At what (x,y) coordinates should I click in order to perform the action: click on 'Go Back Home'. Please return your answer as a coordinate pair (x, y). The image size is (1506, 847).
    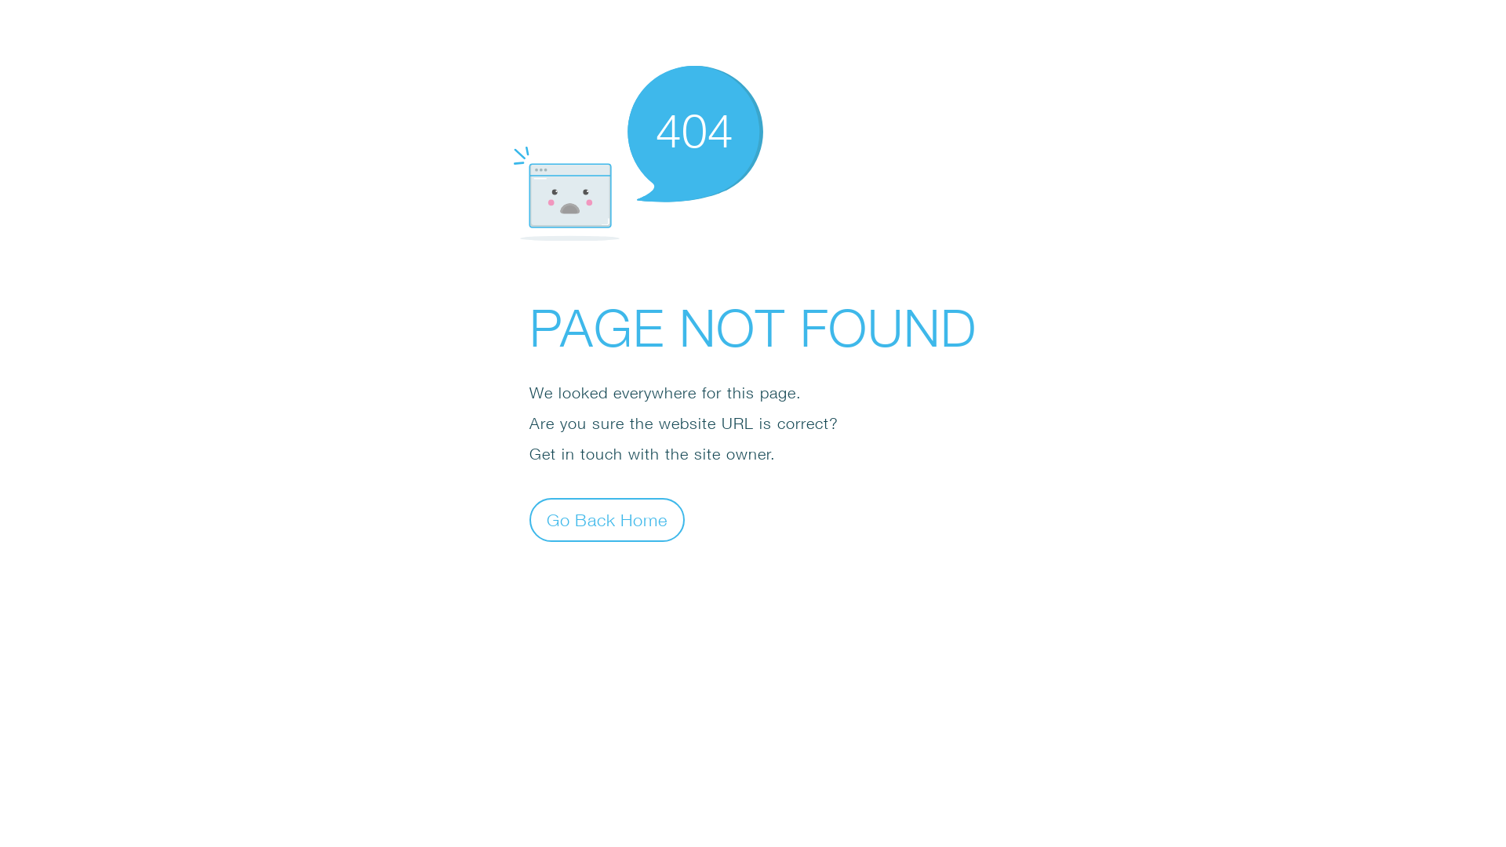
    Looking at the image, I should click on (606, 520).